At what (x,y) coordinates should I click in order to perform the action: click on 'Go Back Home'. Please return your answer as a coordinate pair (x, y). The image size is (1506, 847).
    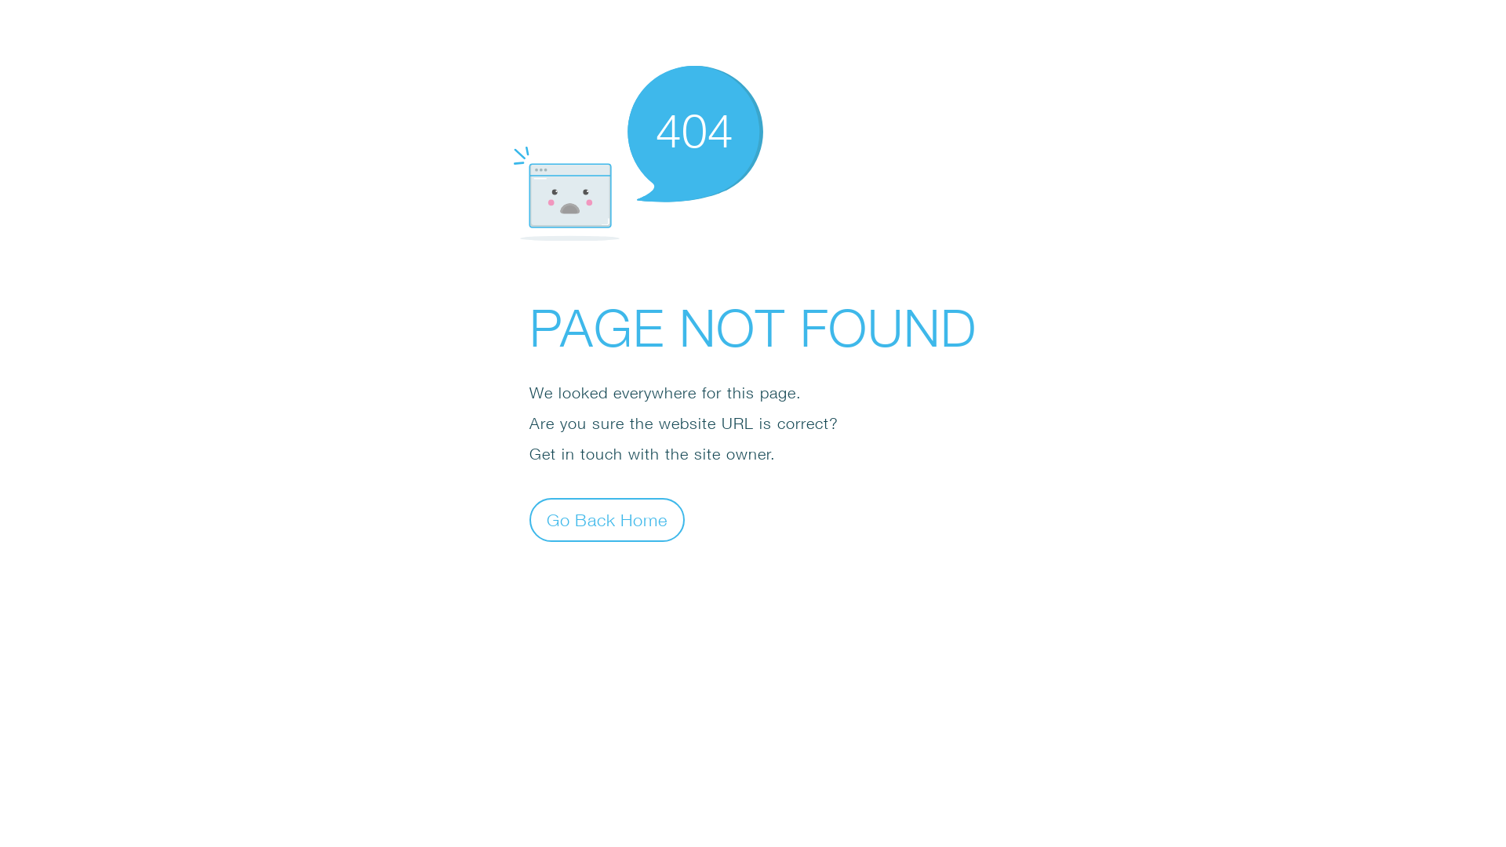
    Looking at the image, I should click on (606, 520).